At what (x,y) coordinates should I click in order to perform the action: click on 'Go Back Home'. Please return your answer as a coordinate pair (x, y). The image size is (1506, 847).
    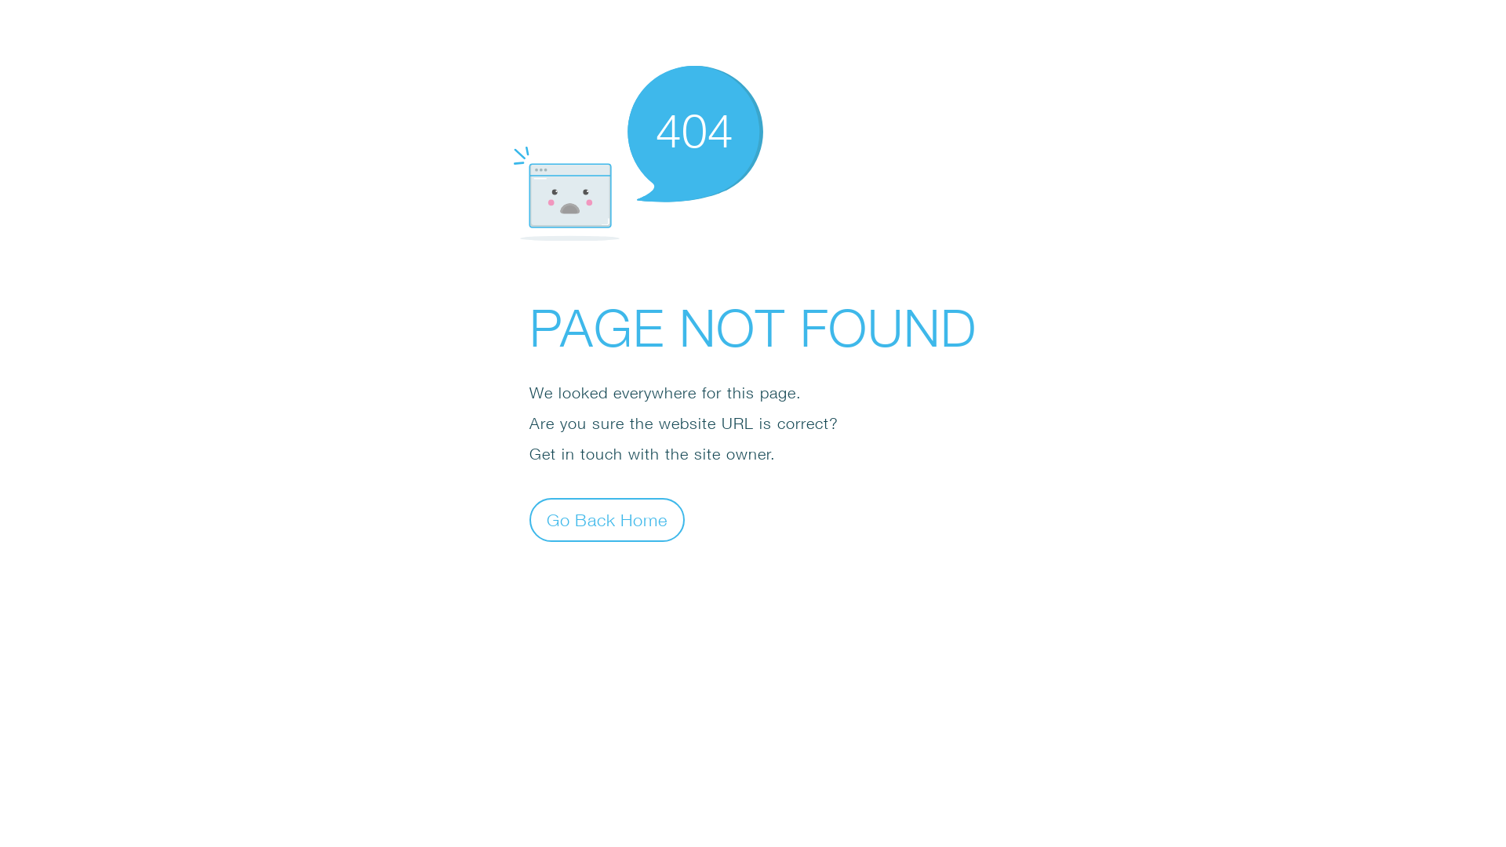
    Looking at the image, I should click on (606, 520).